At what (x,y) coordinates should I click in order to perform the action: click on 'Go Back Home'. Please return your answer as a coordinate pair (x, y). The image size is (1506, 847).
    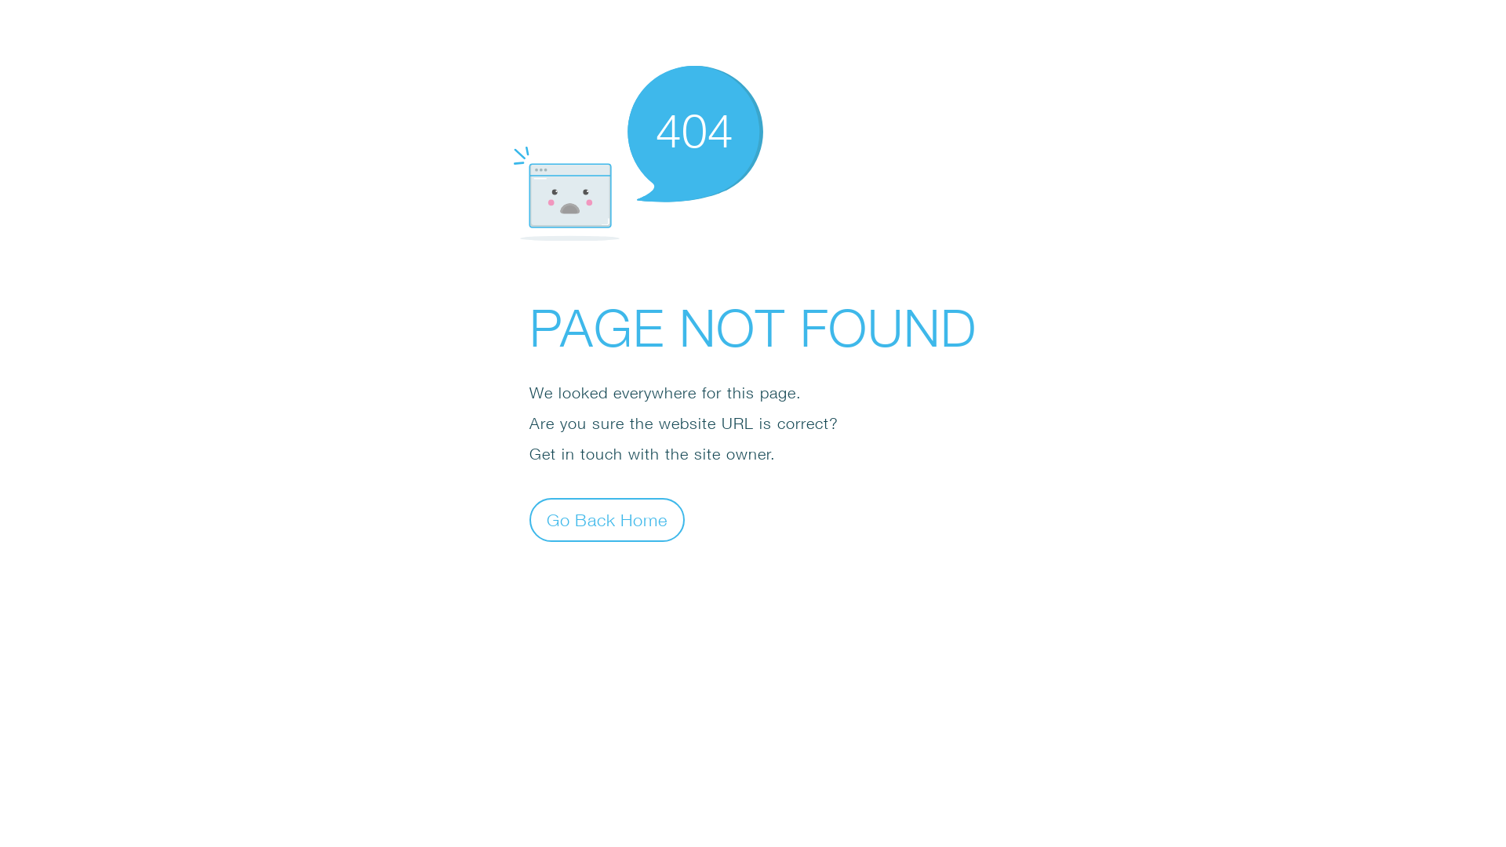
    Looking at the image, I should click on (606, 520).